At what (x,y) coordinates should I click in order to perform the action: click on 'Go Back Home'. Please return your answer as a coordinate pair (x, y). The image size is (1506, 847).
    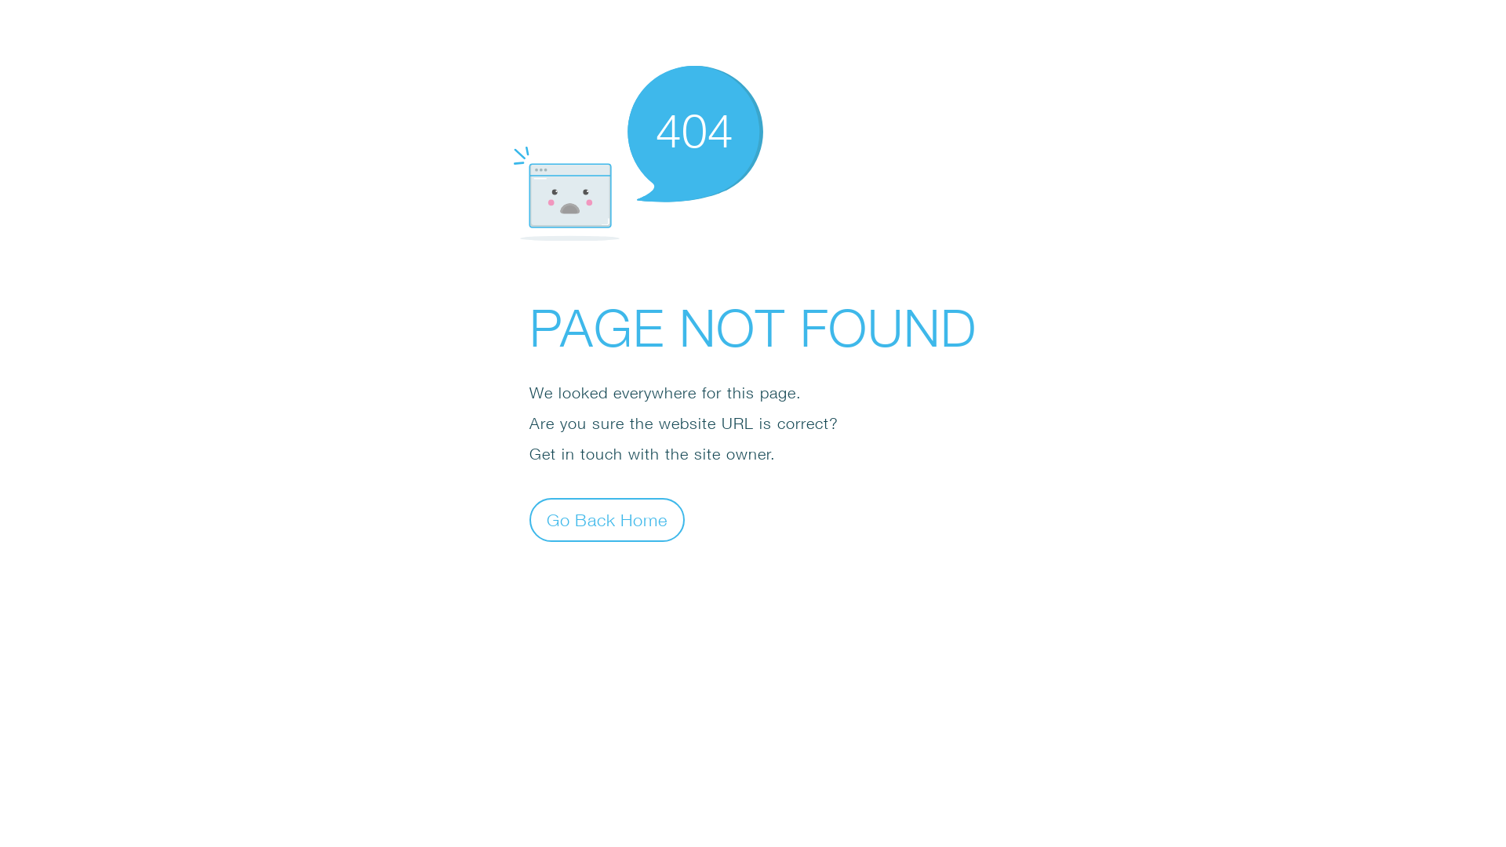
    Looking at the image, I should click on (606, 520).